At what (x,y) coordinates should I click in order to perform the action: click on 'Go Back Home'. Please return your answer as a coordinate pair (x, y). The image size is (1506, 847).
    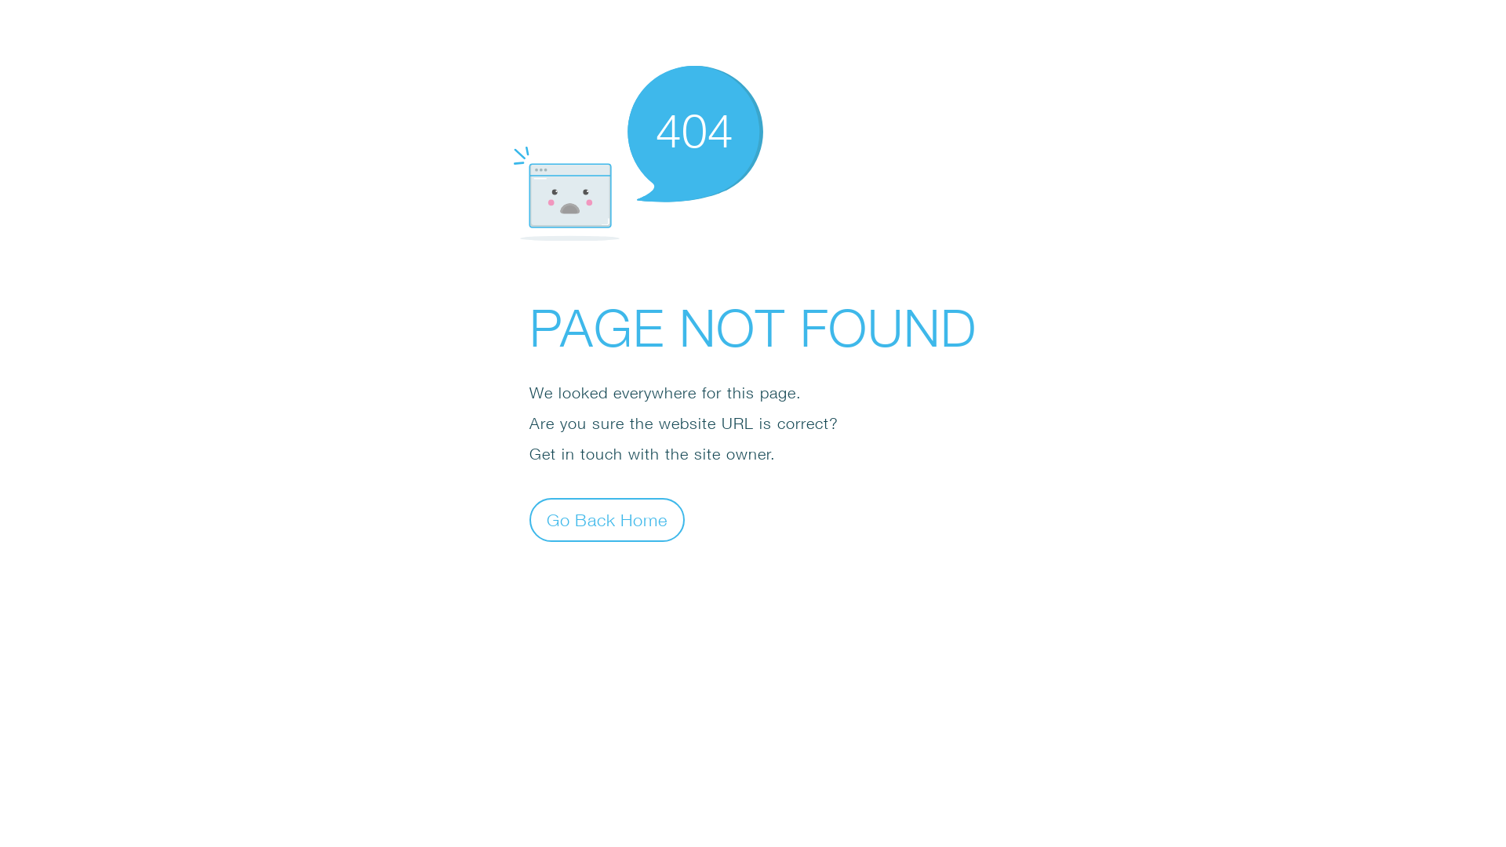
    Looking at the image, I should click on (606, 520).